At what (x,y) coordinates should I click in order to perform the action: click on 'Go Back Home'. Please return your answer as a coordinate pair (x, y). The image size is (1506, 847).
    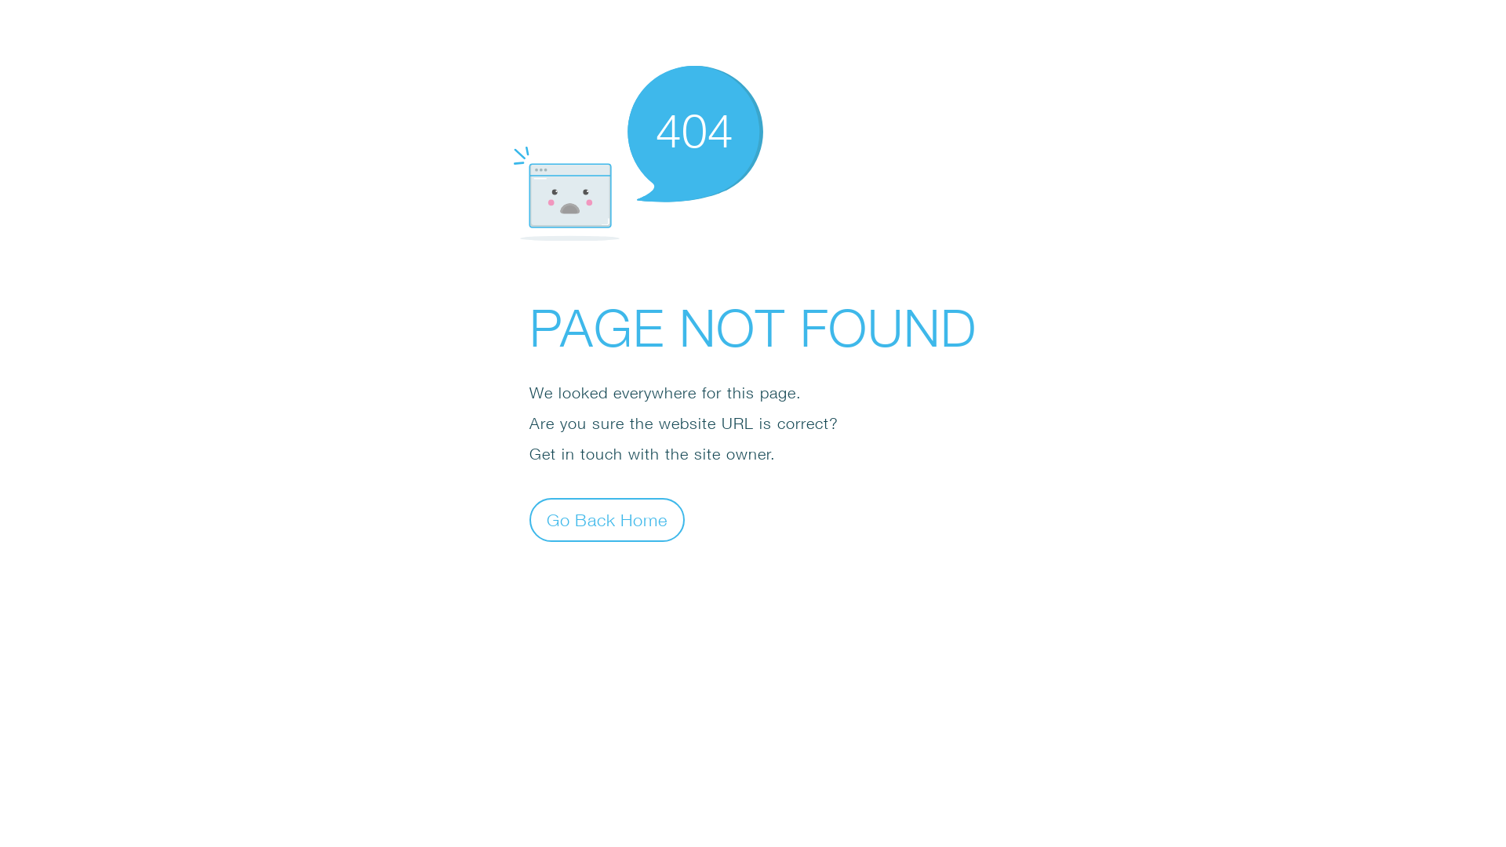
    Looking at the image, I should click on (606, 520).